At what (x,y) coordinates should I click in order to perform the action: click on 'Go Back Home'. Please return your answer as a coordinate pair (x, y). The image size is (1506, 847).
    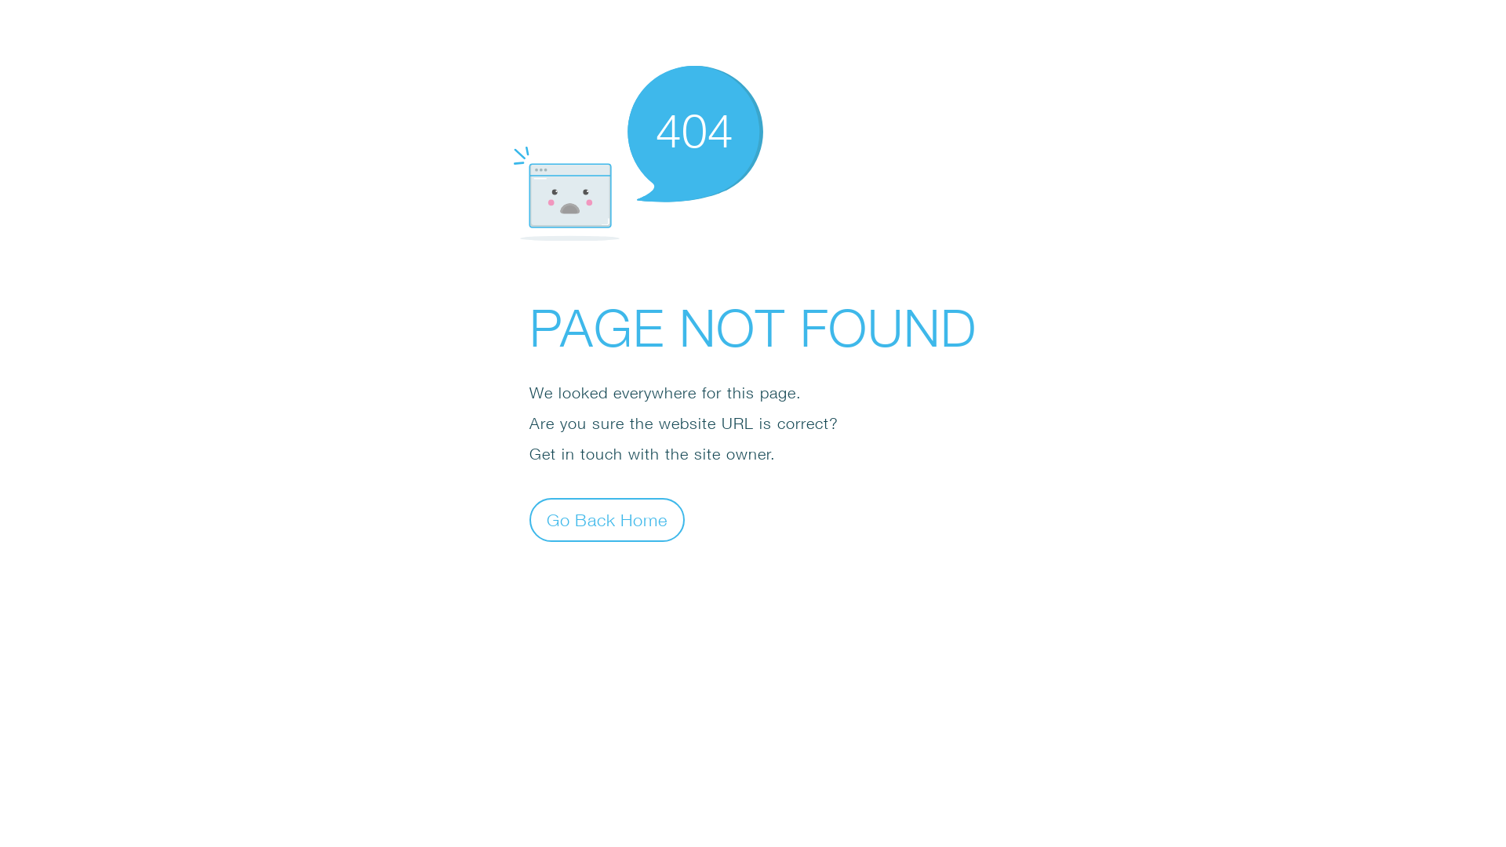
    Looking at the image, I should click on (606, 520).